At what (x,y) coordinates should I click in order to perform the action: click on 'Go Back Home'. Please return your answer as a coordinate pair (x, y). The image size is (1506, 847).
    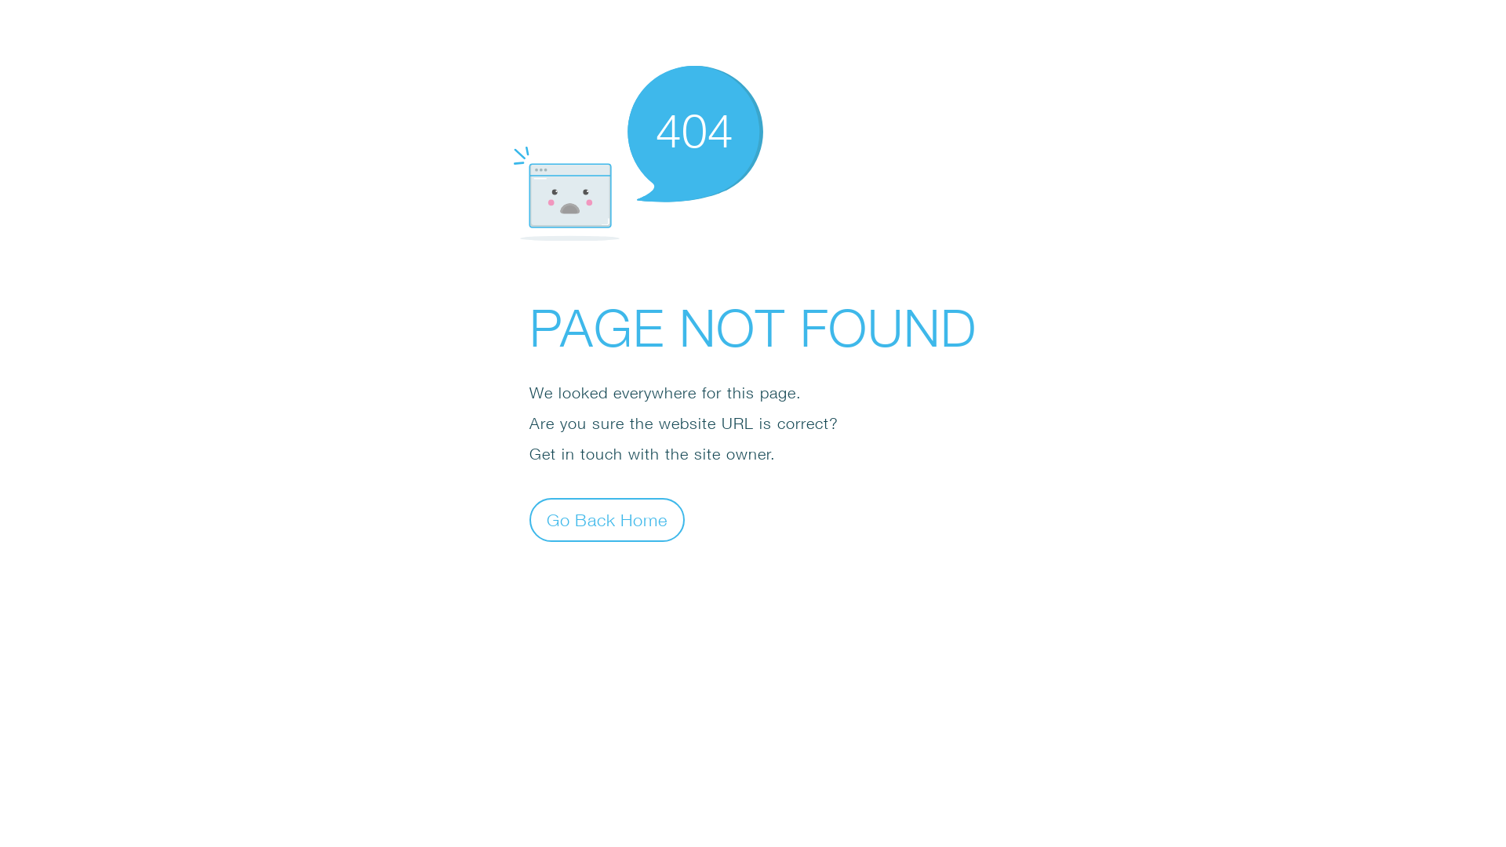
    Looking at the image, I should click on (606, 520).